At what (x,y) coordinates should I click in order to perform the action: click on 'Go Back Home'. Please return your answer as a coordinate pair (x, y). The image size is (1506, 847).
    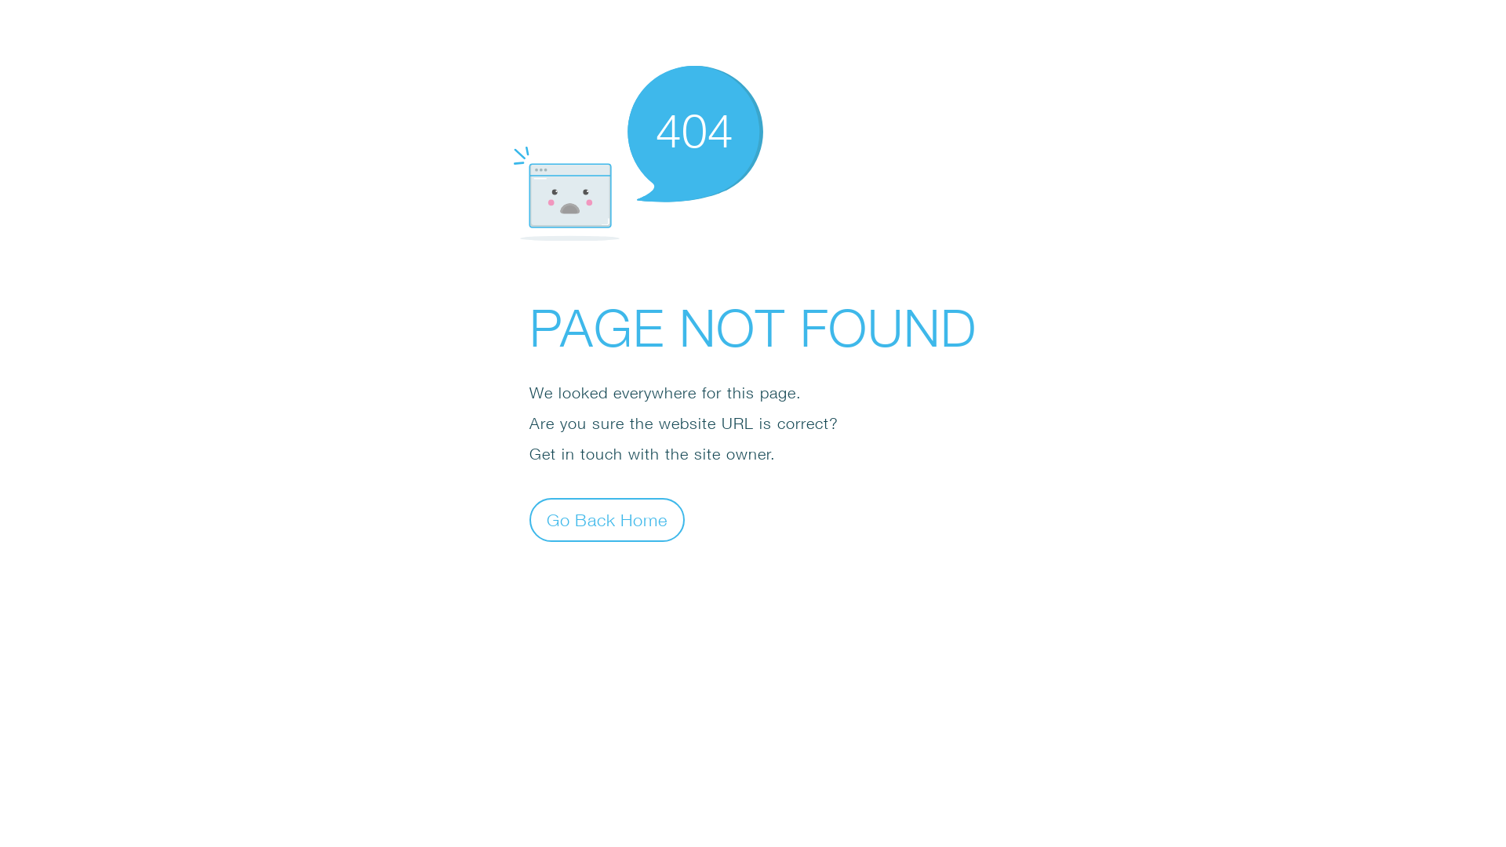
    Looking at the image, I should click on (606, 520).